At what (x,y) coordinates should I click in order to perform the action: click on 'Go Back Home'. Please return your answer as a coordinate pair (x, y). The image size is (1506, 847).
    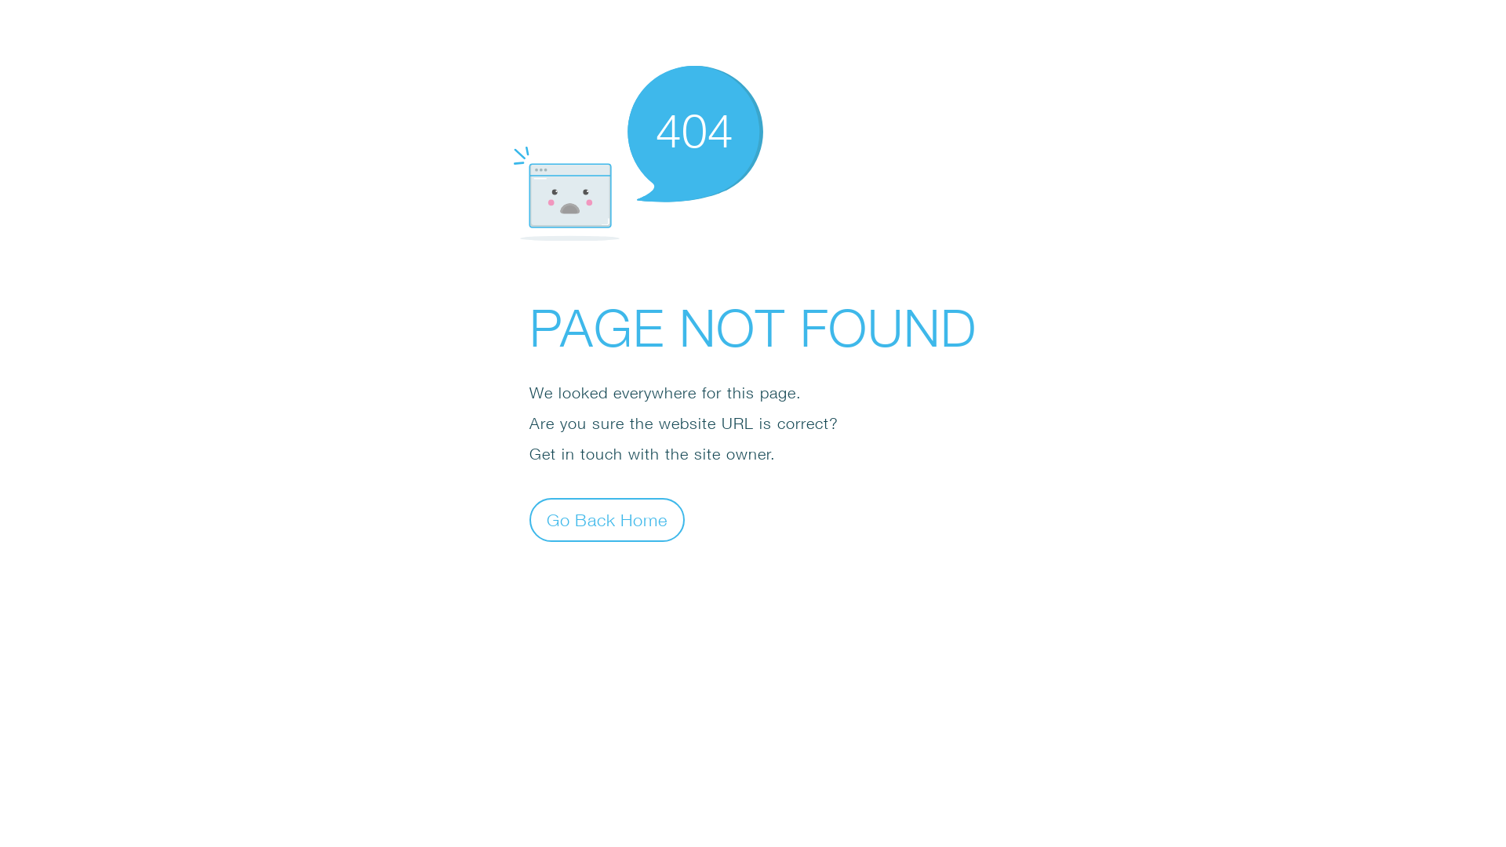
    Looking at the image, I should click on (606, 520).